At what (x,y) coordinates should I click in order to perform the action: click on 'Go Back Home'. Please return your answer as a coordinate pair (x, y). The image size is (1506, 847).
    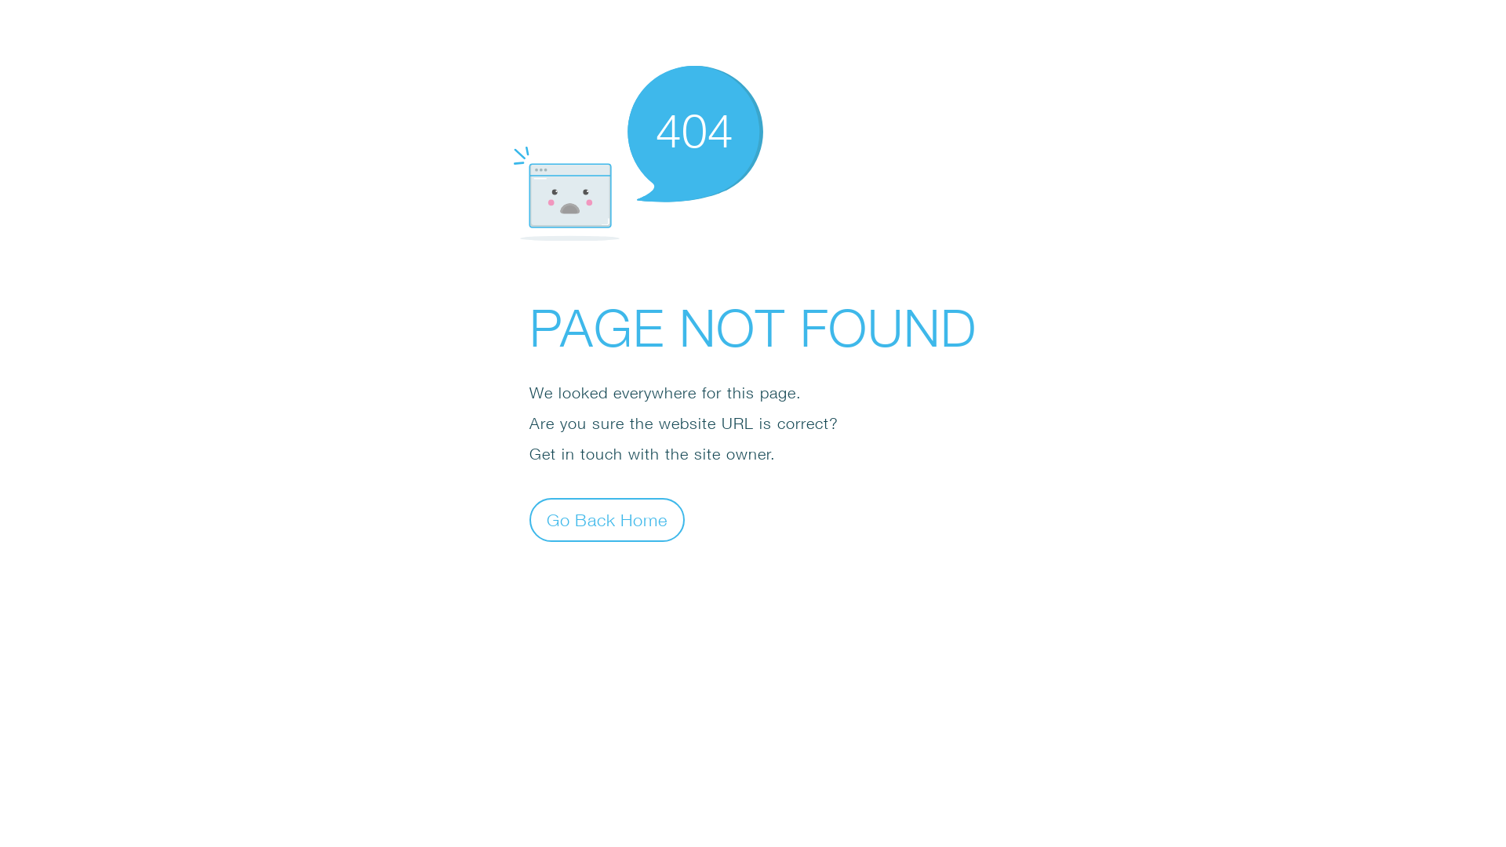
    Looking at the image, I should click on (606, 520).